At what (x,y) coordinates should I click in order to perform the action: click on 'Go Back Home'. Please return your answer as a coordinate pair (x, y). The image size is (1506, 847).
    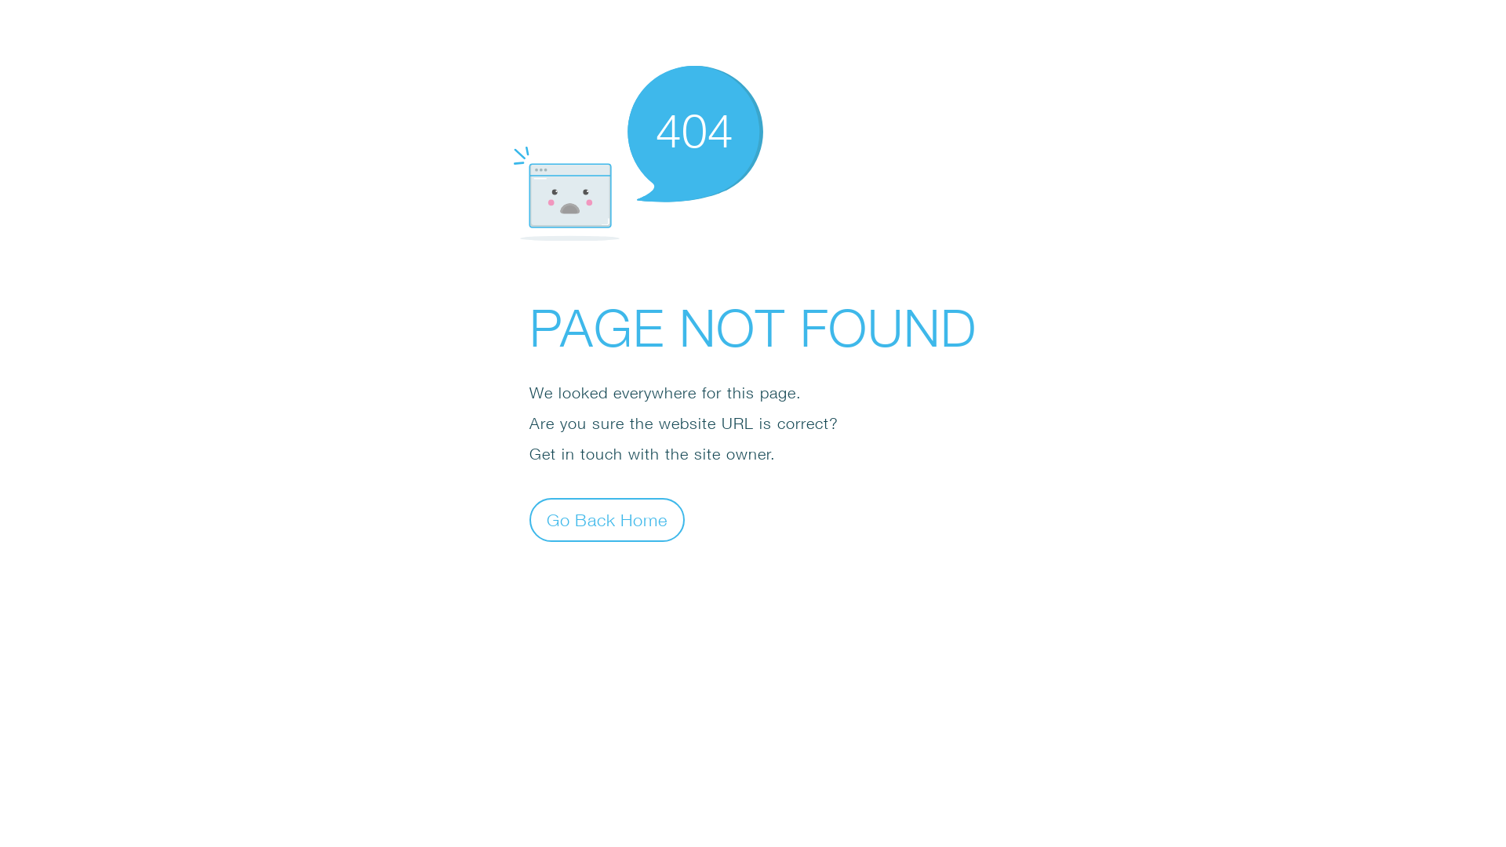
    Looking at the image, I should click on (606, 520).